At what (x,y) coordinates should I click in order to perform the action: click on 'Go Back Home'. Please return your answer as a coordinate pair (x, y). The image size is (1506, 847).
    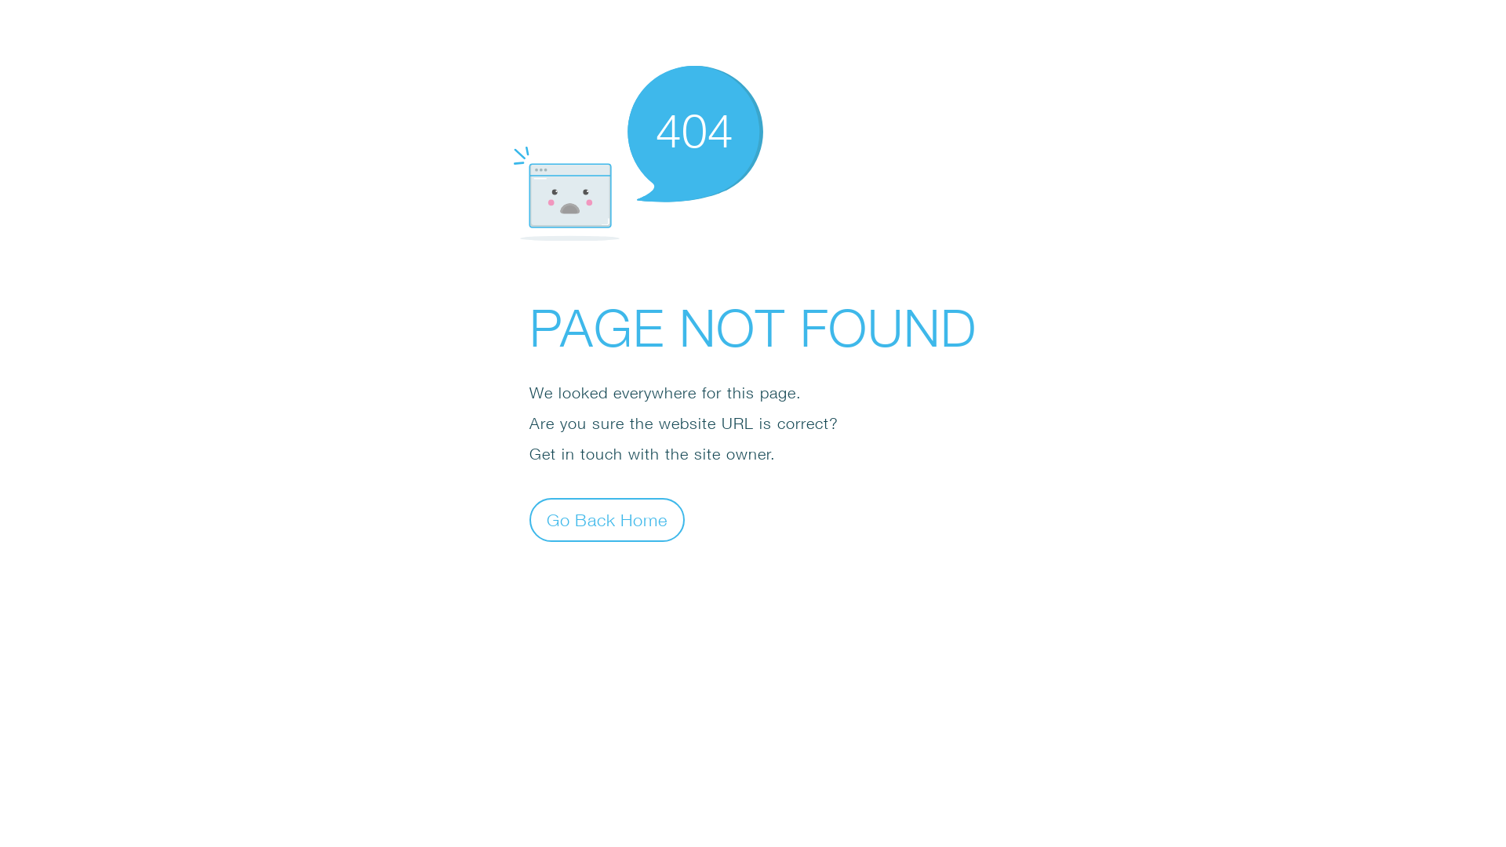
    Looking at the image, I should click on (606, 520).